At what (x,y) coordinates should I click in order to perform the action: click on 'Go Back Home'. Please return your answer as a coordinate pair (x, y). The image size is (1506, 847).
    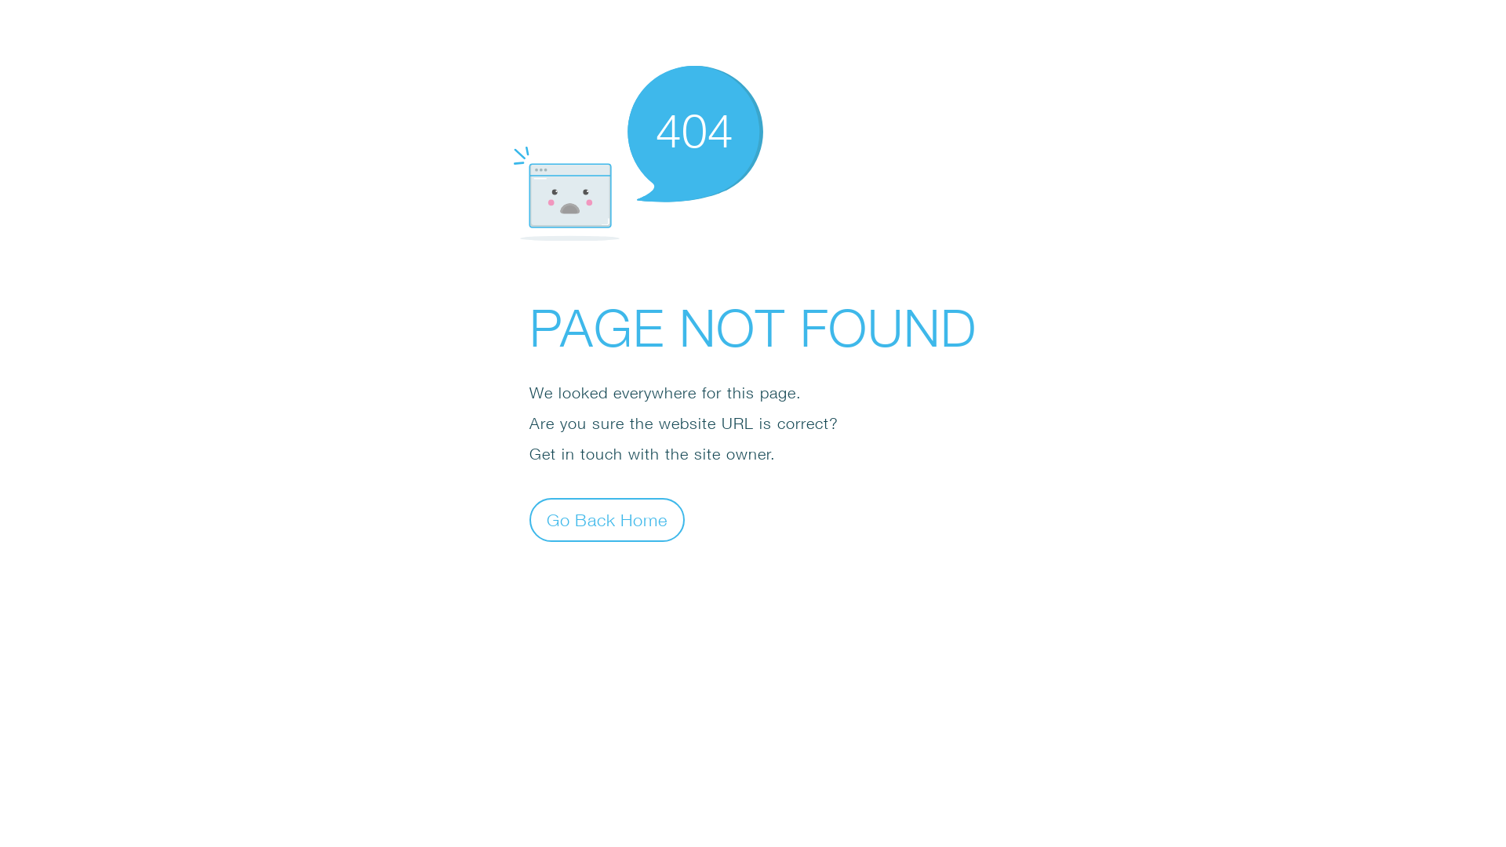
    Looking at the image, I should click on (606, 520).